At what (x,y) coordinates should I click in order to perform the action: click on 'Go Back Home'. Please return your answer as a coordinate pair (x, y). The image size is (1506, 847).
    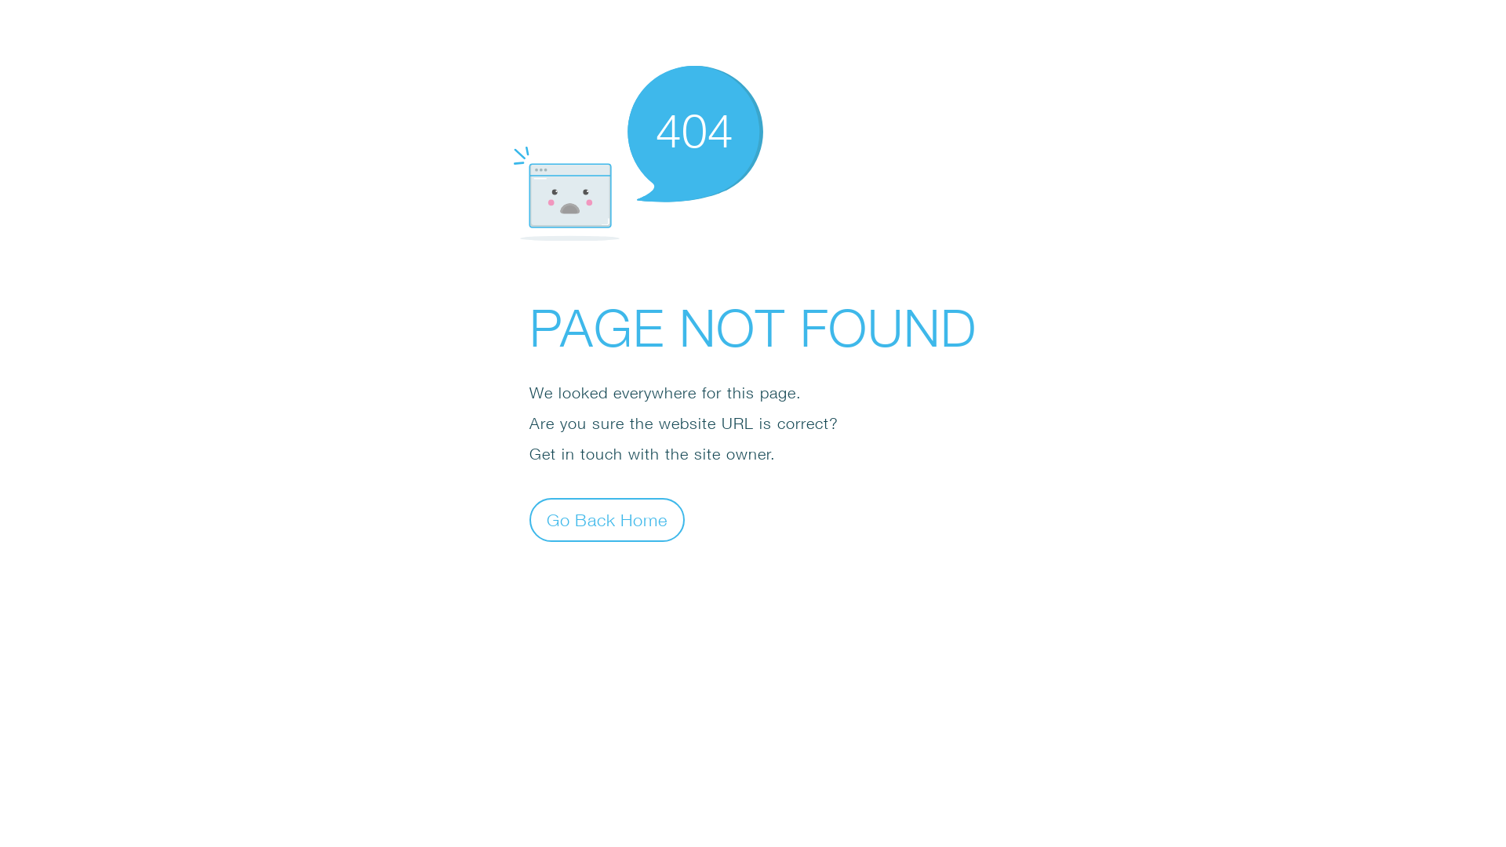
    Looking at the image, I should click on (606, 520).